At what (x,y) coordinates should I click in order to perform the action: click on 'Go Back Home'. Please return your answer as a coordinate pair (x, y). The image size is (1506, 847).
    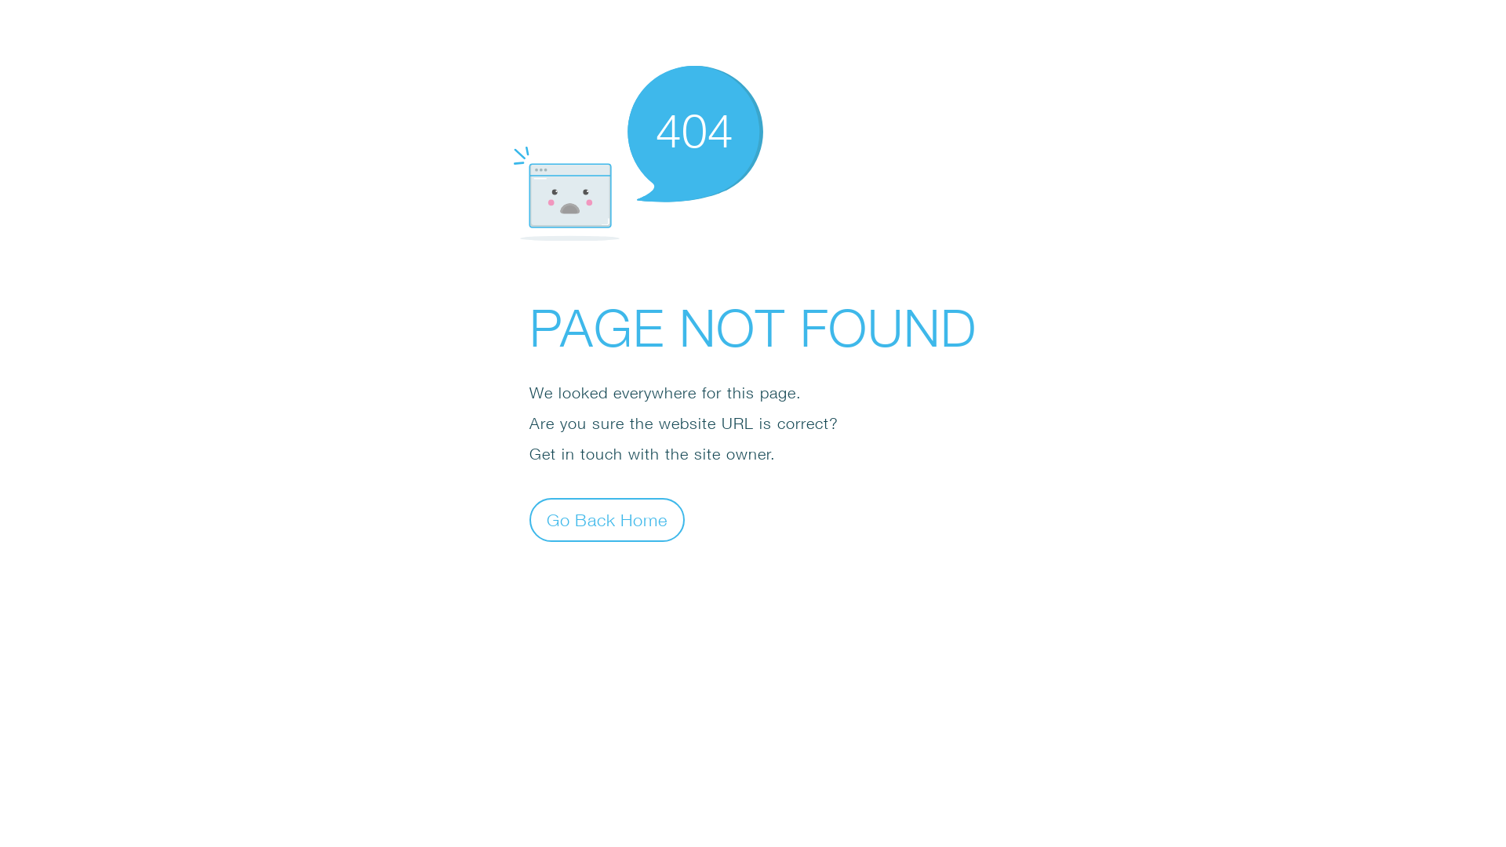
    Looking at the image, I should click on (606, 520).